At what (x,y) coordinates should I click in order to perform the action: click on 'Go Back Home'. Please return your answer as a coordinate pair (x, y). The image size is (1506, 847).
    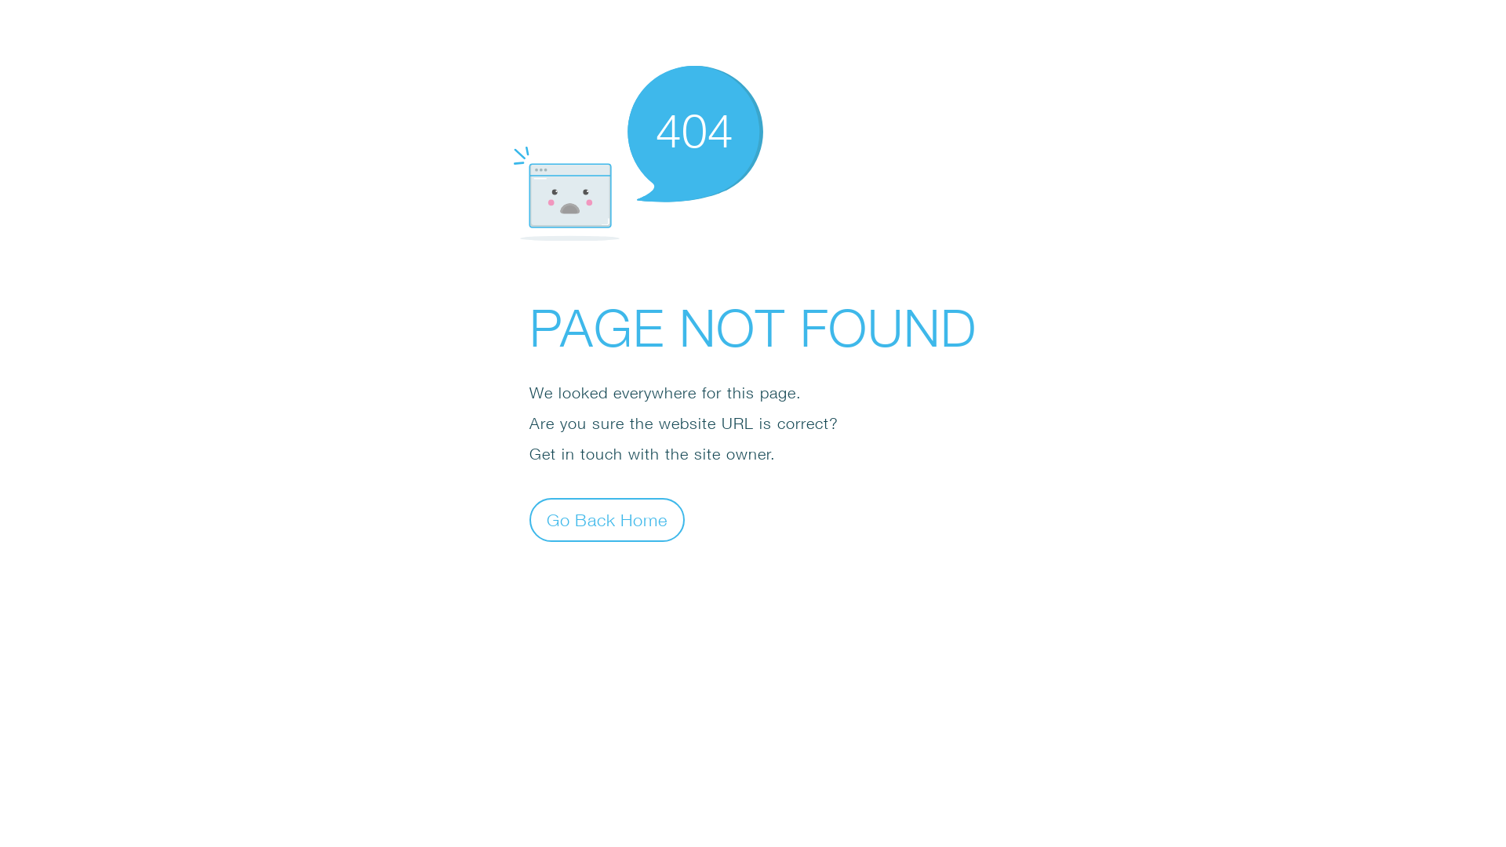
    Looking at the image, I should click on (606, 520).